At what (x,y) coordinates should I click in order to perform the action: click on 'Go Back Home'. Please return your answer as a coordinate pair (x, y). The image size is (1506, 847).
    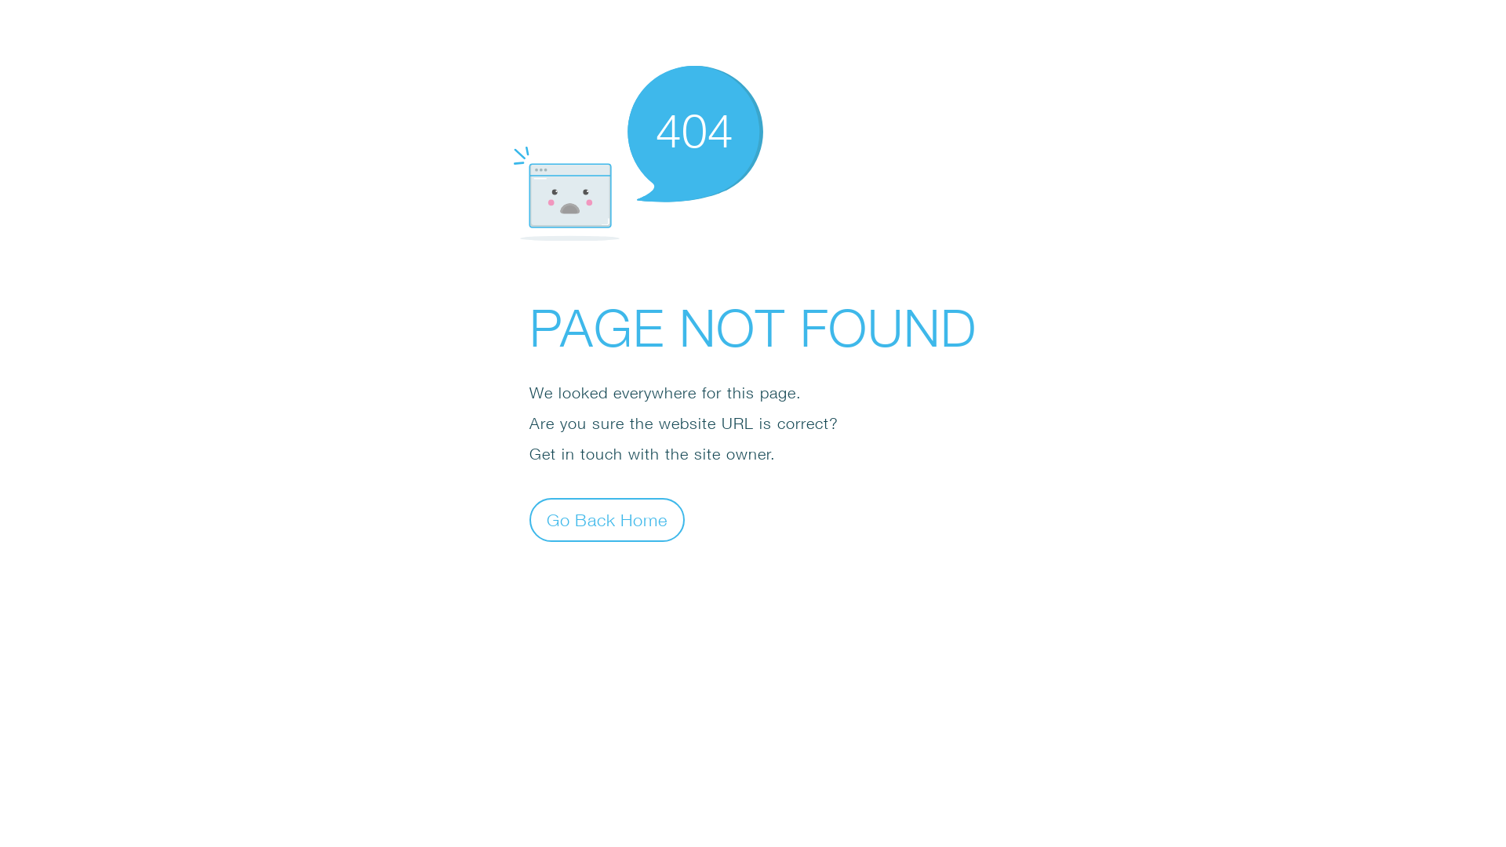
    Looking at the image, I should click on (606, 520).